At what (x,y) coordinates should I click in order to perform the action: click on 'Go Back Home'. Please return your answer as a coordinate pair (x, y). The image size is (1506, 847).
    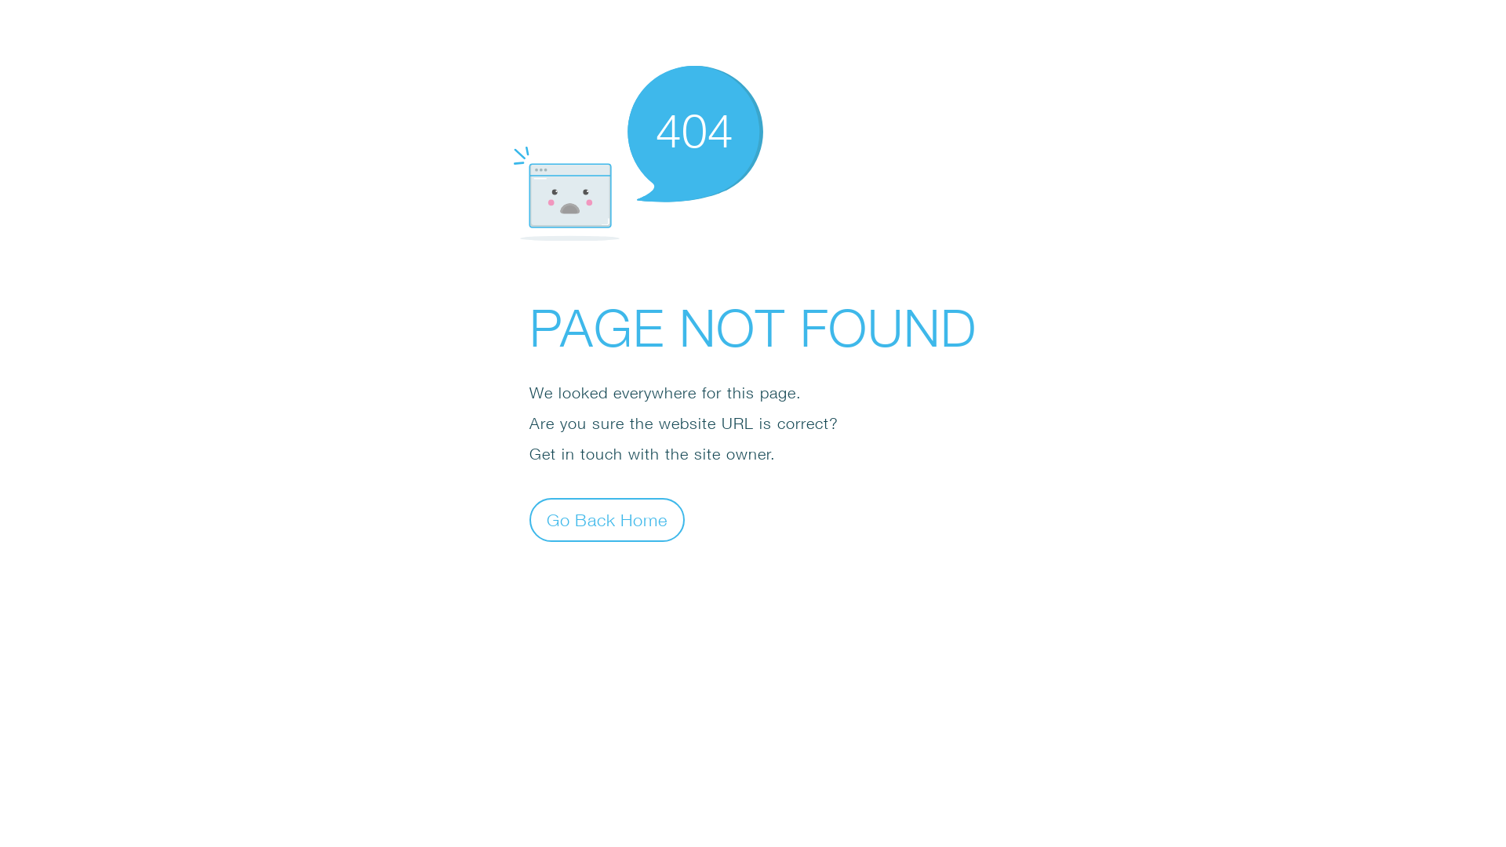
    Looking at the image, I should click on (606, 520).